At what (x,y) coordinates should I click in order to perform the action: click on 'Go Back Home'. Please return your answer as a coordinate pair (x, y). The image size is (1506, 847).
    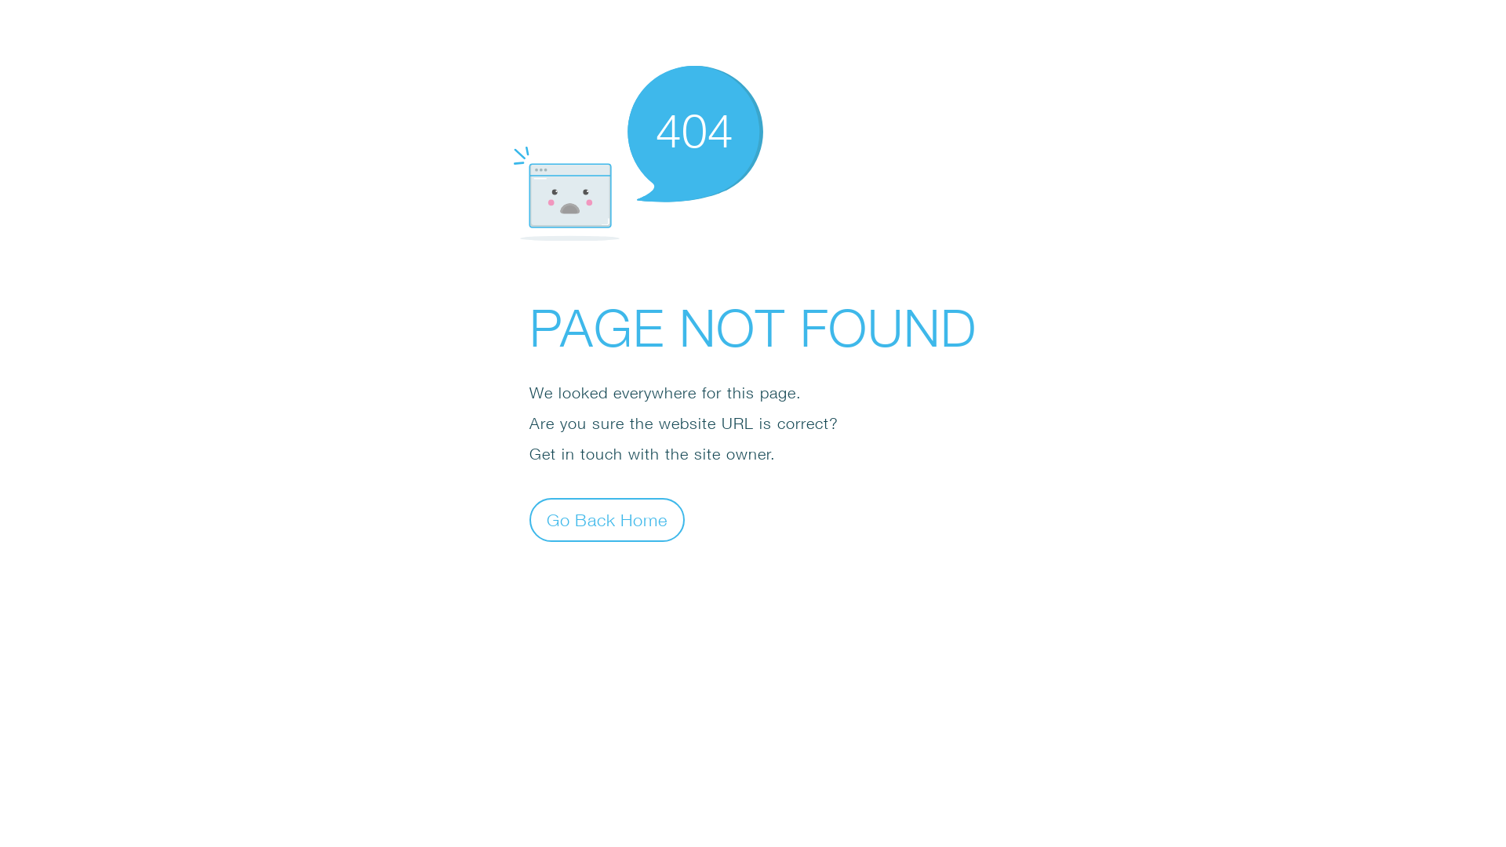
    Looking at the image, I should click on (606, 520).